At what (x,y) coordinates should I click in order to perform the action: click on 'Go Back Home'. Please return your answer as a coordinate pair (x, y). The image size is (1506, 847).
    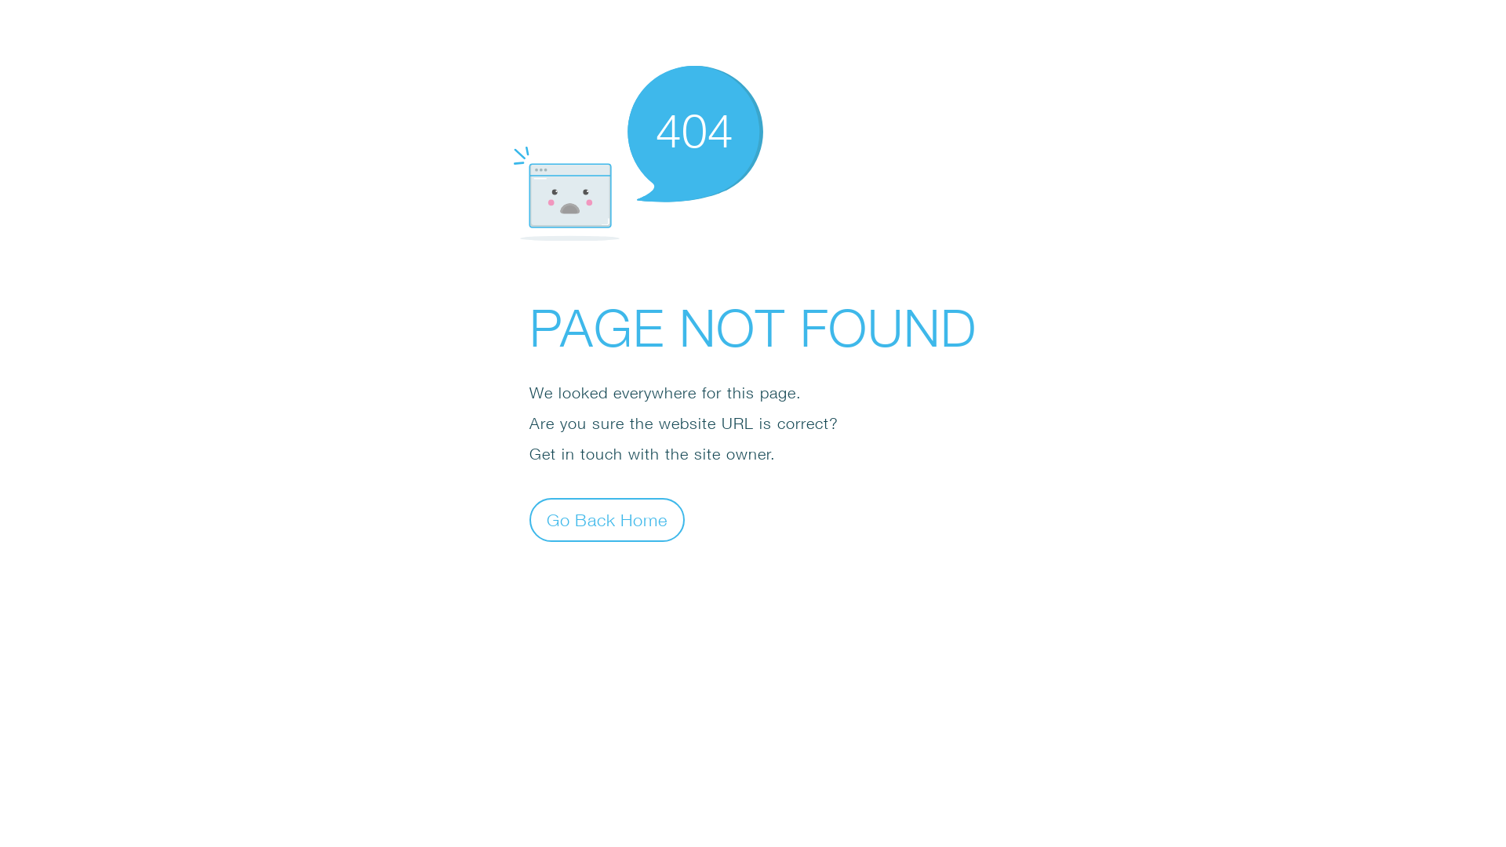
    Looking at the image, I should click on (606, 520).